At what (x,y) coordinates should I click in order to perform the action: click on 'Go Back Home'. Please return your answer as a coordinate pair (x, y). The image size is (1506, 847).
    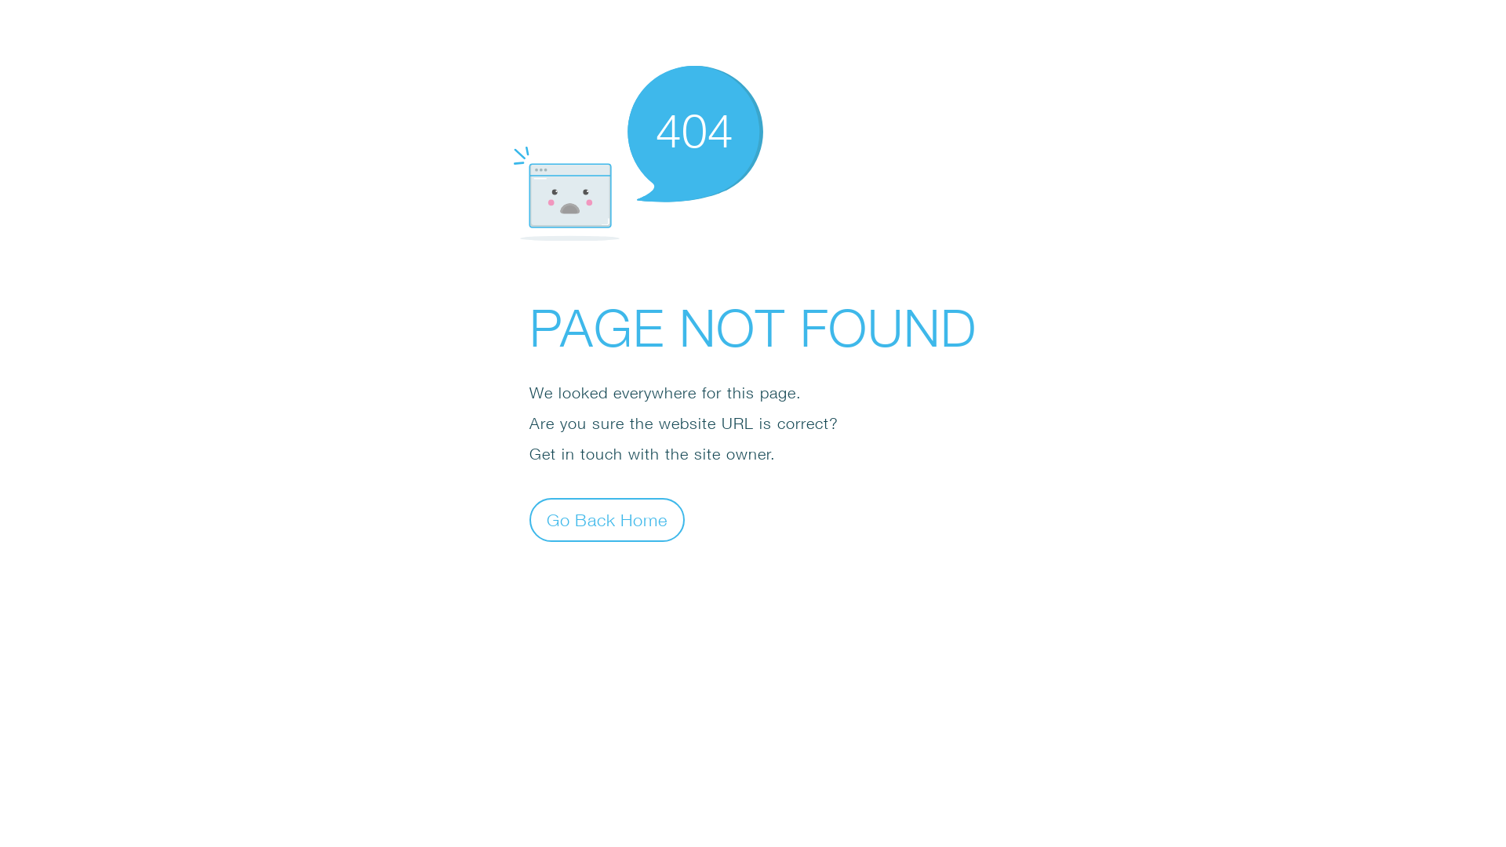
    Looking at the image, I should click on (606, 520).